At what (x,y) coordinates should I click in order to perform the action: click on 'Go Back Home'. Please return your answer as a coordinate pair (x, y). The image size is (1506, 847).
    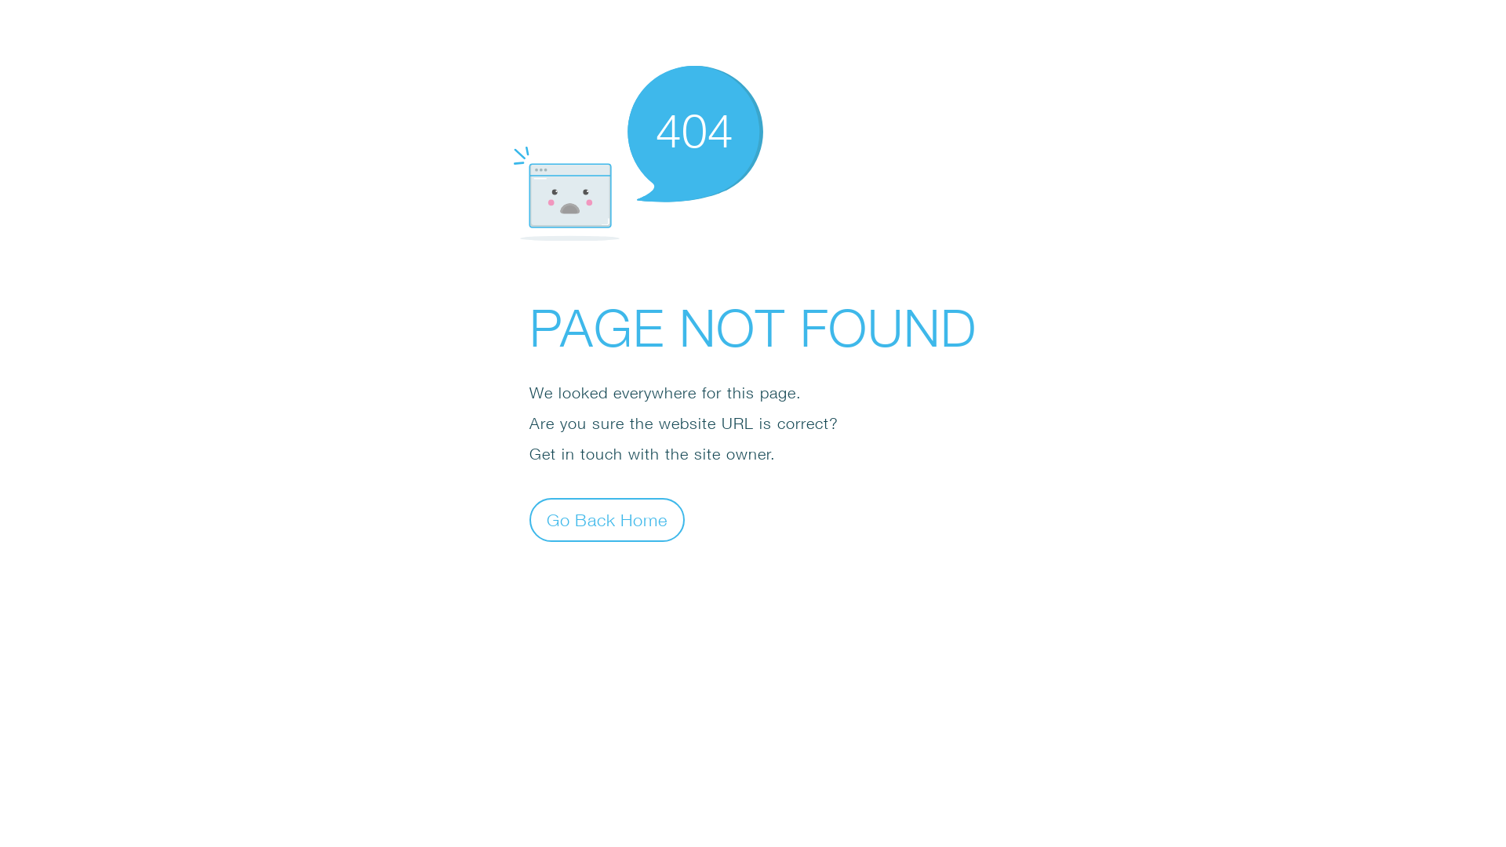
    Looking at the image, I should click on (606, 520).